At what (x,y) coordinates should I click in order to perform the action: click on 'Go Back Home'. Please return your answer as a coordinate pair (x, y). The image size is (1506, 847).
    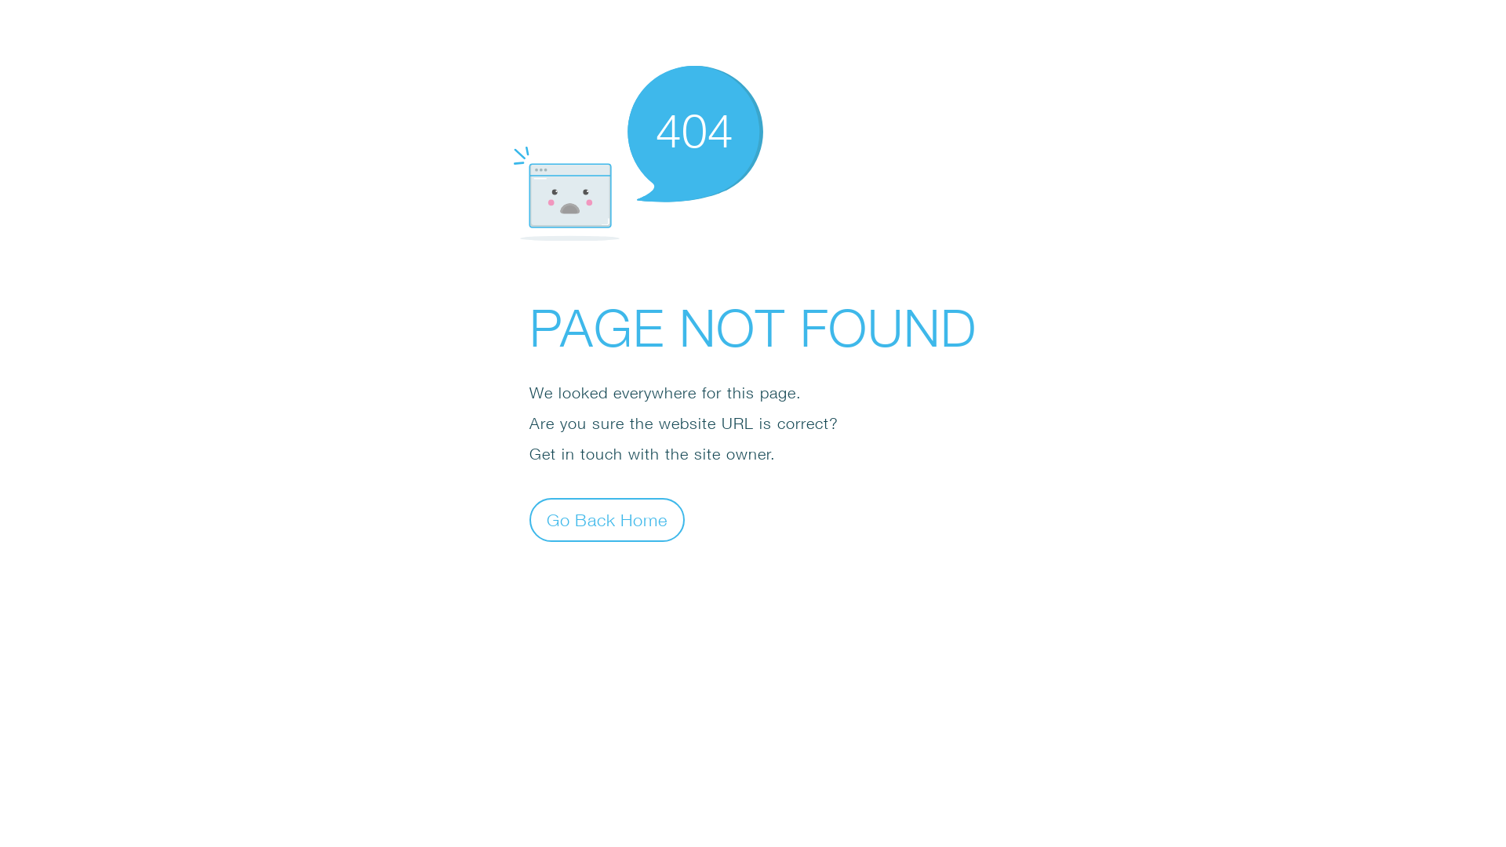
    Looking at the image, I should click on (606, 520).